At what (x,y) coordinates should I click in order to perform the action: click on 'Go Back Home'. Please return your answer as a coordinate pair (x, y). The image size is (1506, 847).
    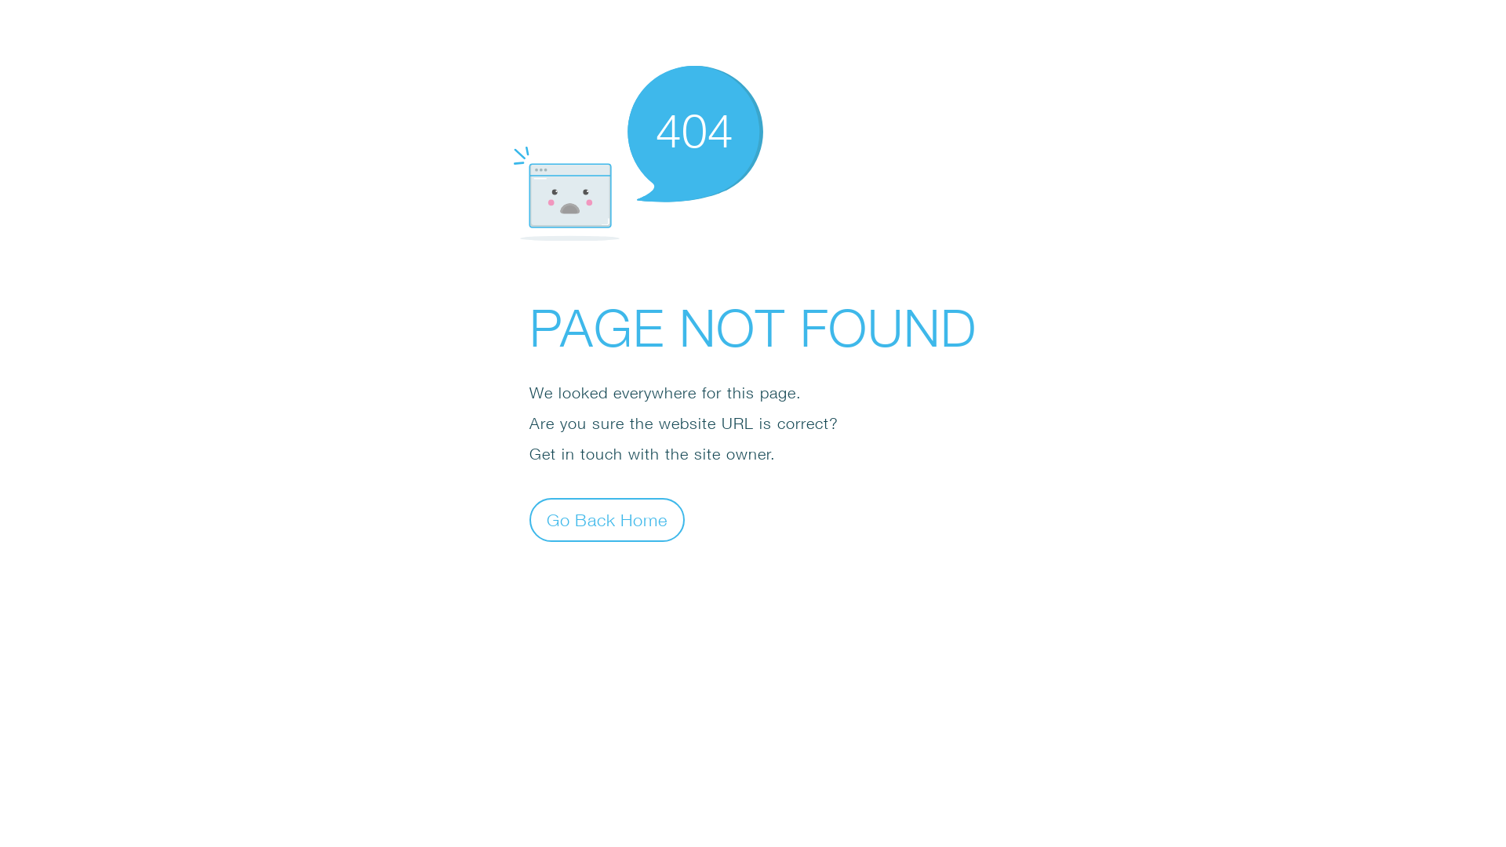
    Looking at the image, I should click on (606, 520).